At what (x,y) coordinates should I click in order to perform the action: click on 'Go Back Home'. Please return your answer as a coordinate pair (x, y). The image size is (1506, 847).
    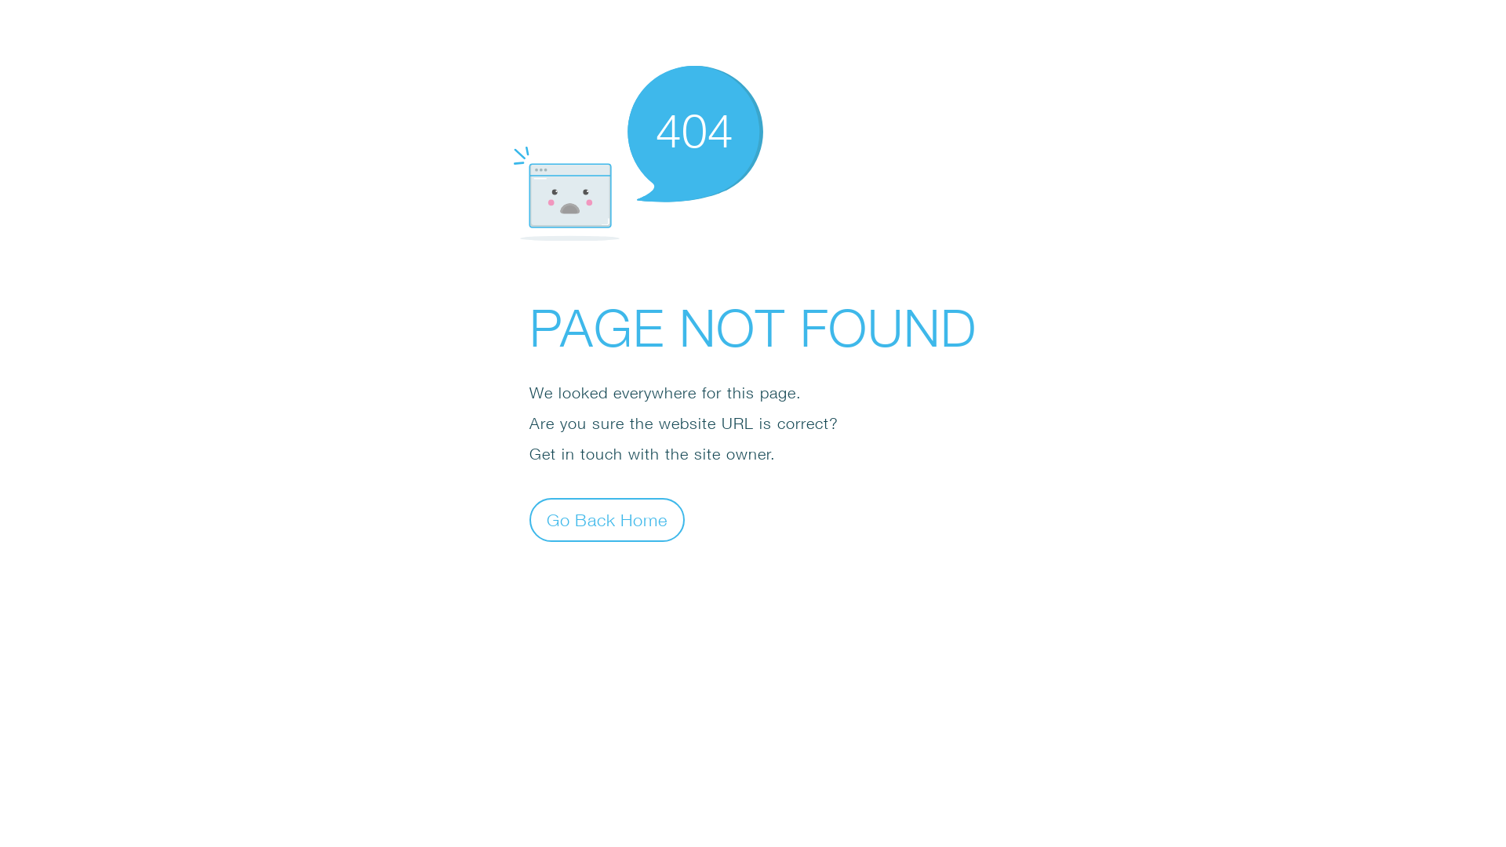
    Looking at the image, I should click on (606, 520).